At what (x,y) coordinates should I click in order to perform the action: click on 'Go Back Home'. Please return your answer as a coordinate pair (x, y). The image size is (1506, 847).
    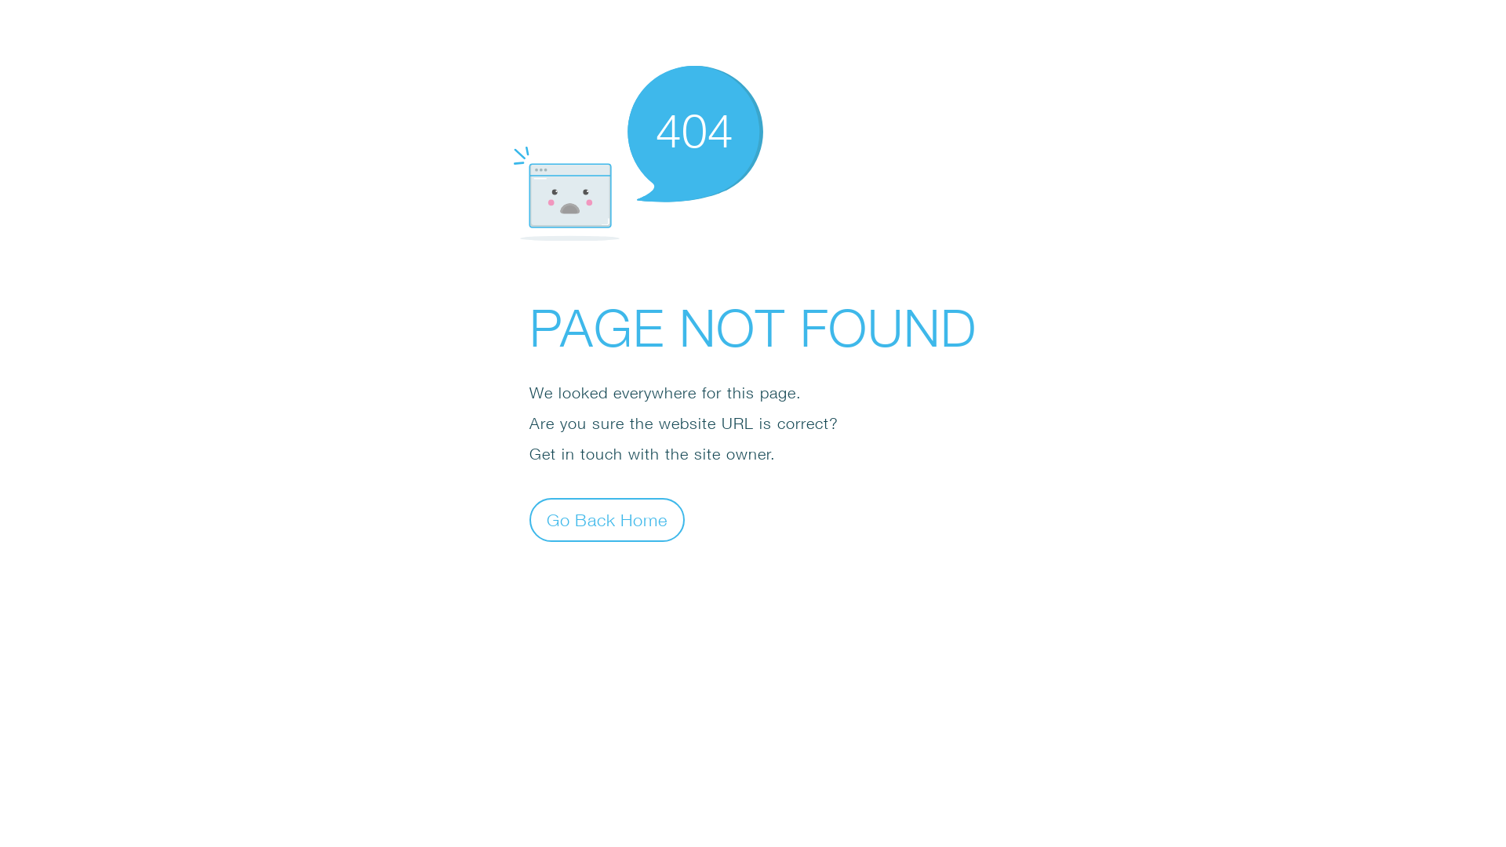
    Looking at the image, I should click on (606, 520).